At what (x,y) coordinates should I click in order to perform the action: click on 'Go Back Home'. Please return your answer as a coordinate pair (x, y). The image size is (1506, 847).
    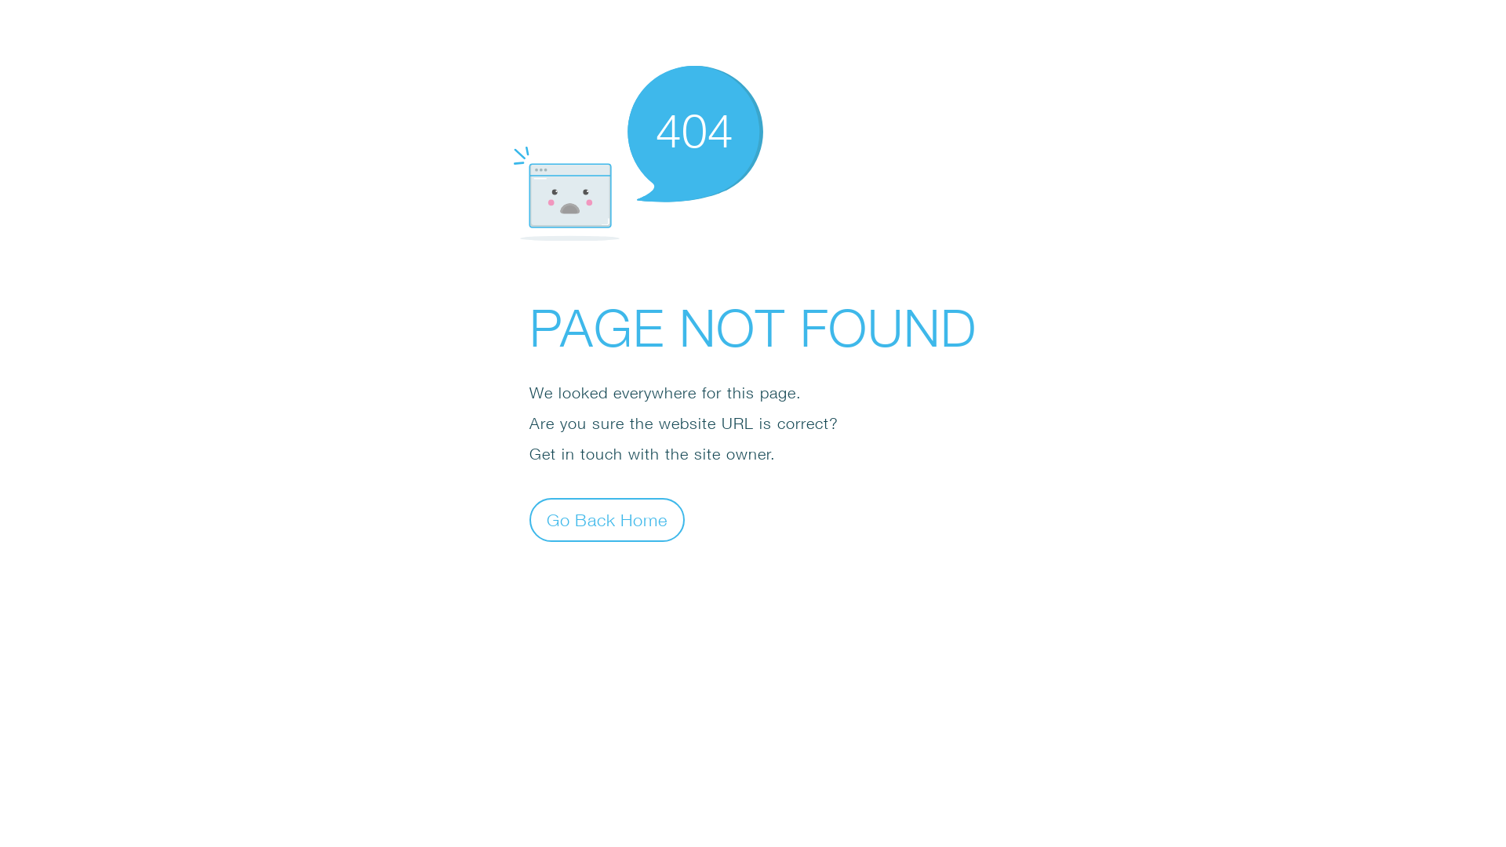
    Looking at the image, I should click on (606, 520).